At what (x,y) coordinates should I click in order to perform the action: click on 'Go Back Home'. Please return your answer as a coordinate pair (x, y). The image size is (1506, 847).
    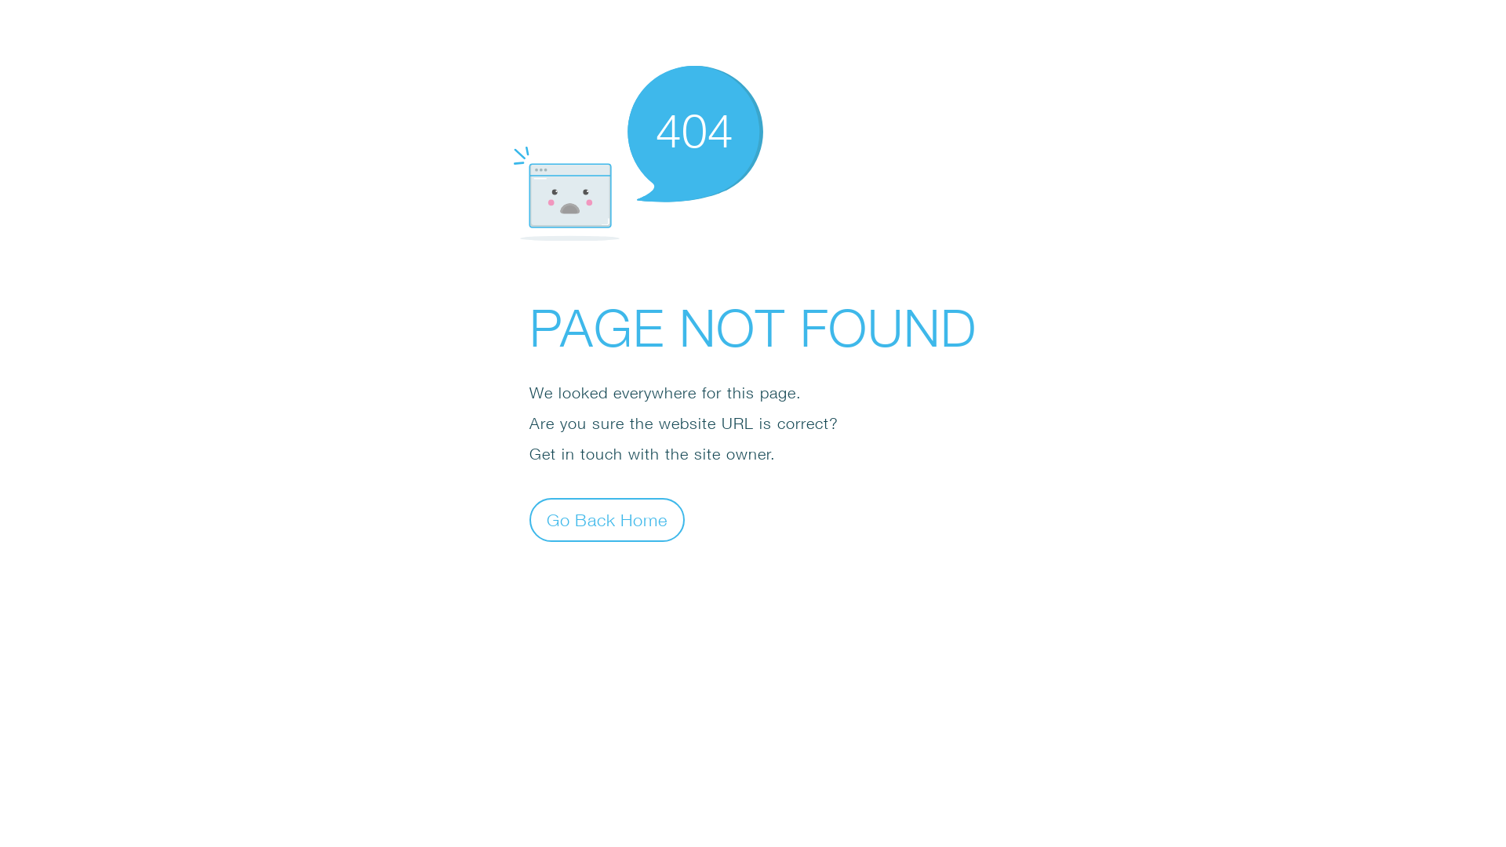
    Looking at the image, I should click on (606, 520).